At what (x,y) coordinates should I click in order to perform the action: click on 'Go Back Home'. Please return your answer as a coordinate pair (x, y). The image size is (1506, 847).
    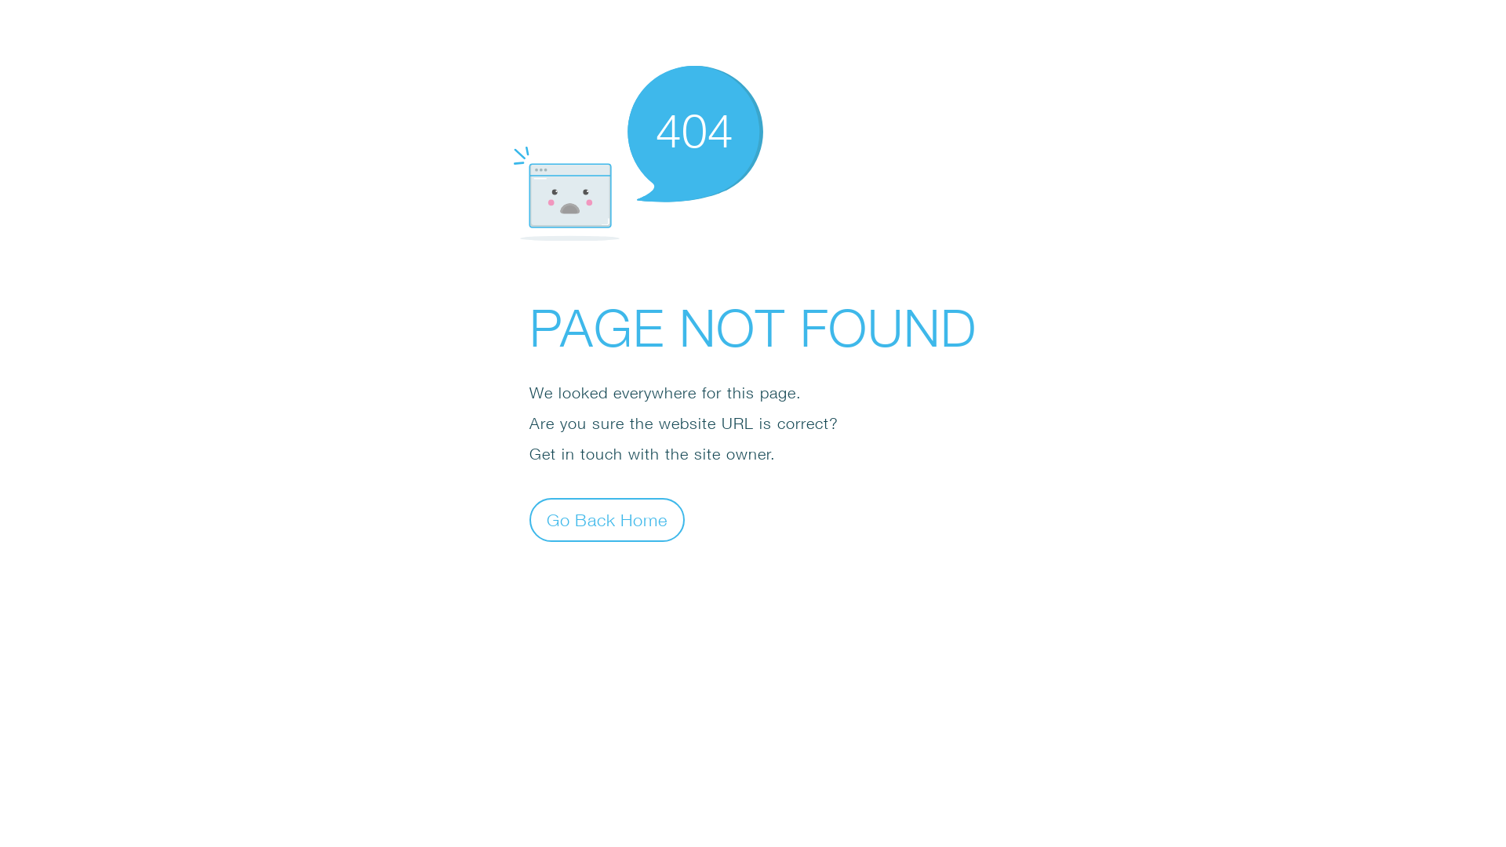
    Looking at the image, I should click on (606, 520).